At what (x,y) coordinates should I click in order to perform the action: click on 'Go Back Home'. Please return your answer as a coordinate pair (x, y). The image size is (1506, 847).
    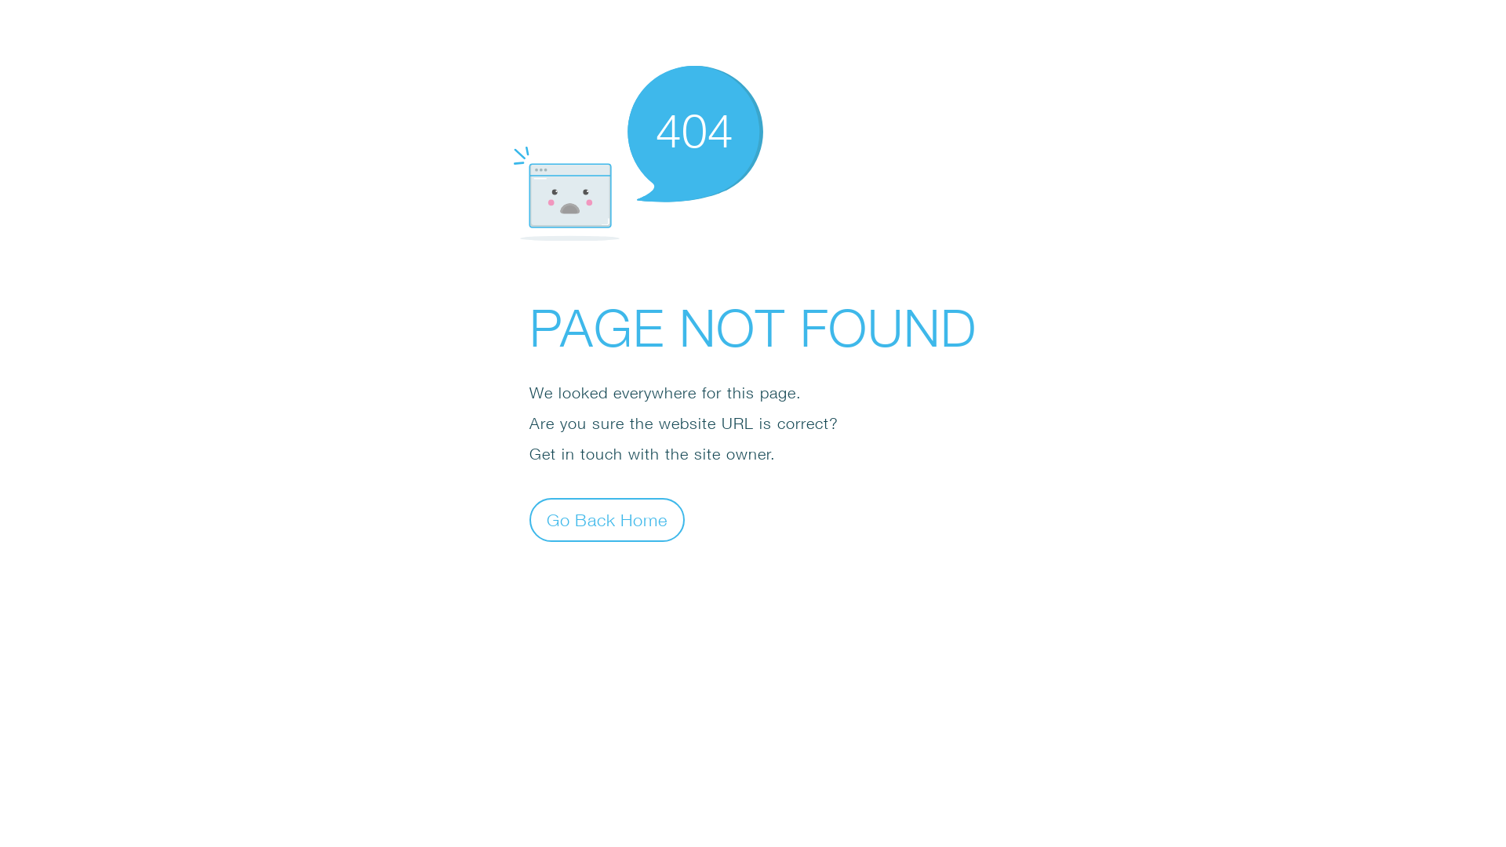
    Looking at the image, I should click on (606, 520).